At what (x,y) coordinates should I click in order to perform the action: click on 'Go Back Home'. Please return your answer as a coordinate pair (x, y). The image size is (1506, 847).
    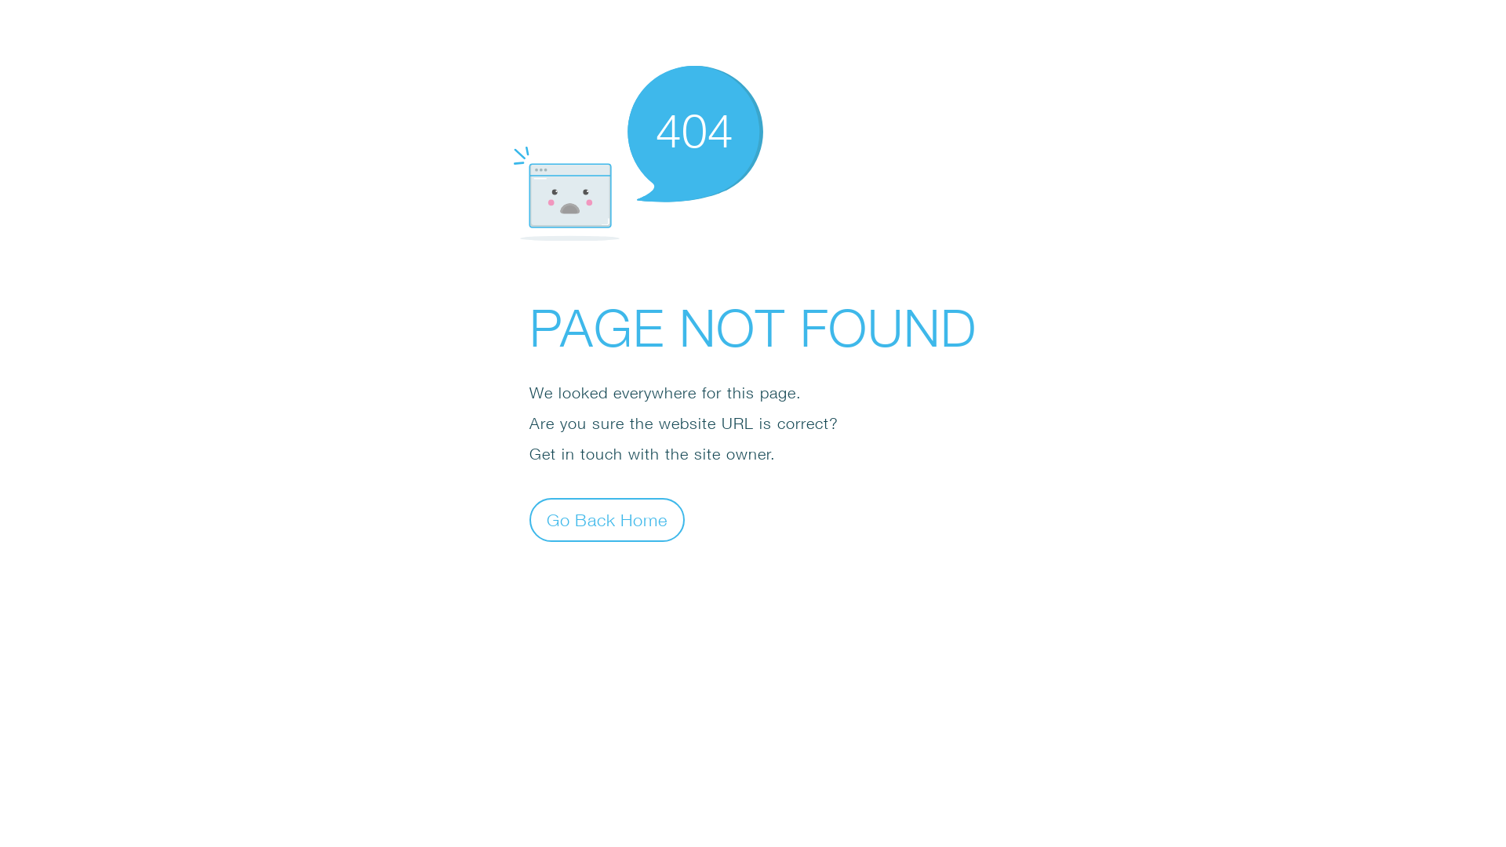
    Looking at the image, I should click on (606, 520).